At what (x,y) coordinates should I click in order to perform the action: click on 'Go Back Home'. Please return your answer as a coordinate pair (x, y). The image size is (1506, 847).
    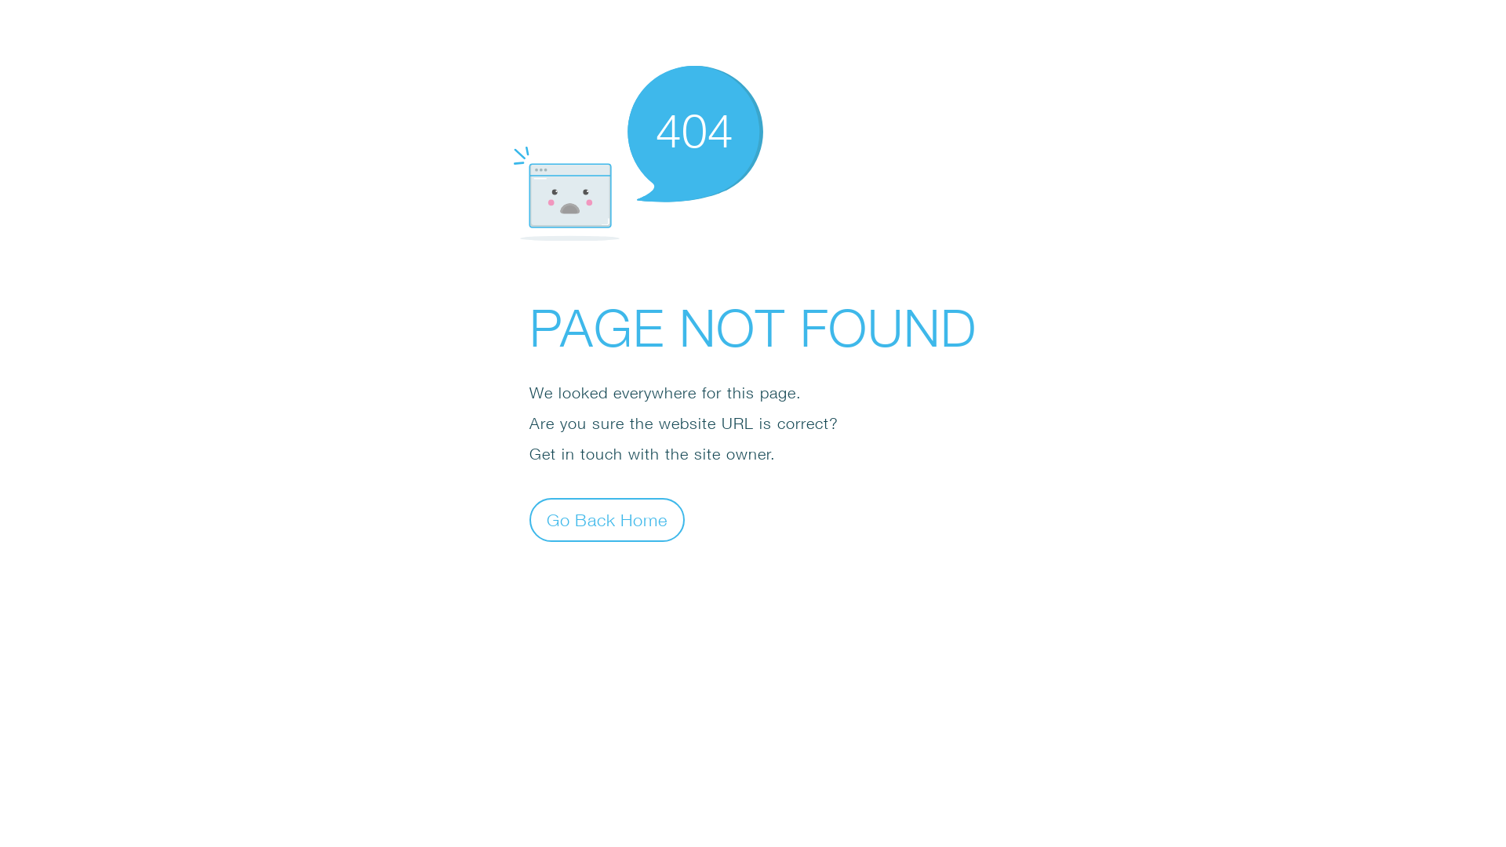
    Looking at the image, I should click on (606, 520).